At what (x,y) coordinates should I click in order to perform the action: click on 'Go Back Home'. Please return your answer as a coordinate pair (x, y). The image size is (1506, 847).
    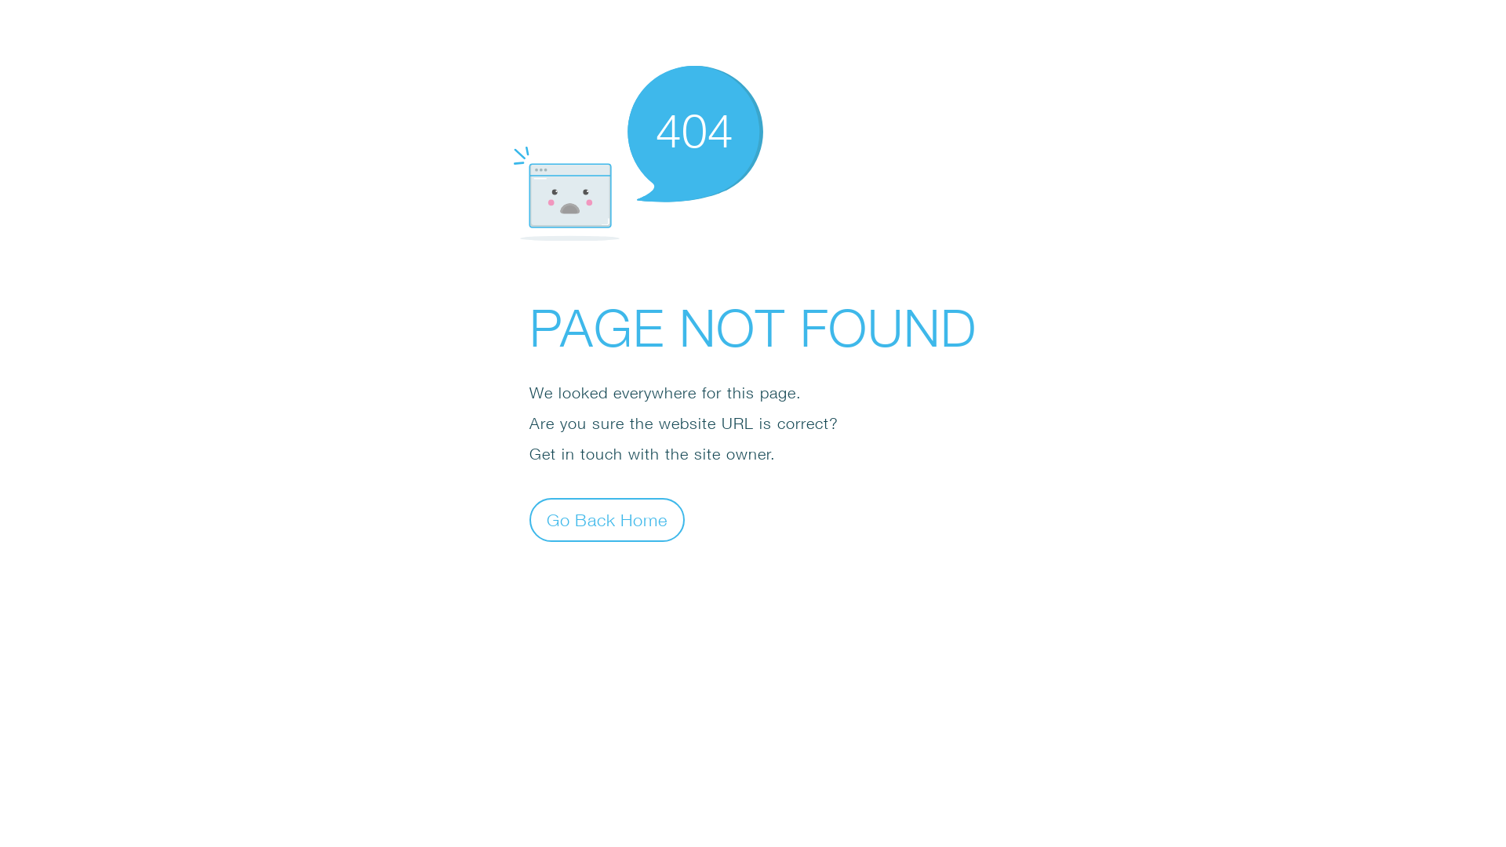
    Looking at the image, I should click on (606, 520).